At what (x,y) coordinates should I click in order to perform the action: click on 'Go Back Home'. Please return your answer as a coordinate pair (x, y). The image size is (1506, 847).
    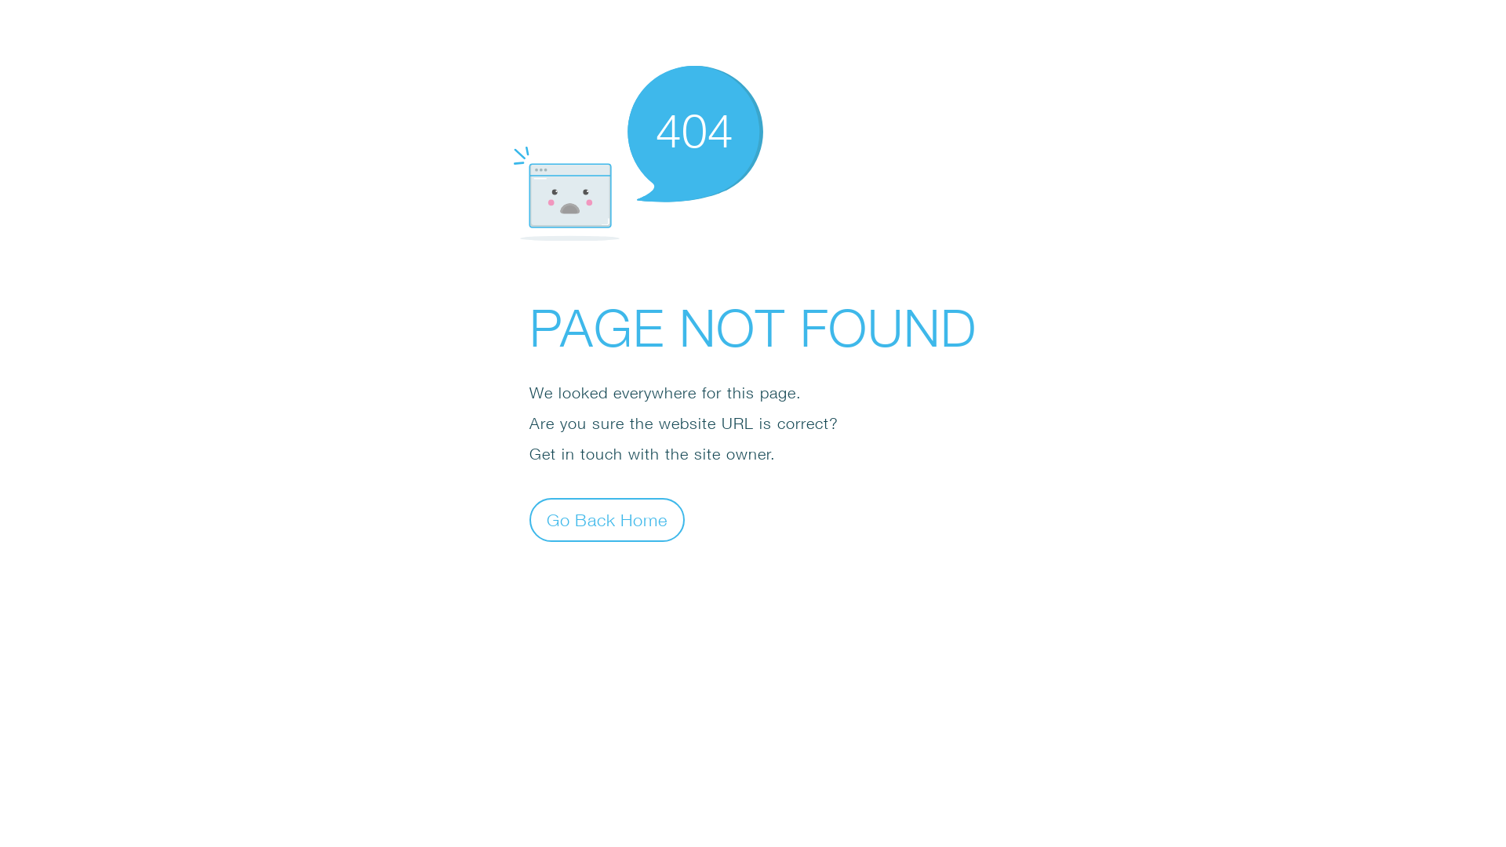
    Looking at the image, I should click on (606, 520).